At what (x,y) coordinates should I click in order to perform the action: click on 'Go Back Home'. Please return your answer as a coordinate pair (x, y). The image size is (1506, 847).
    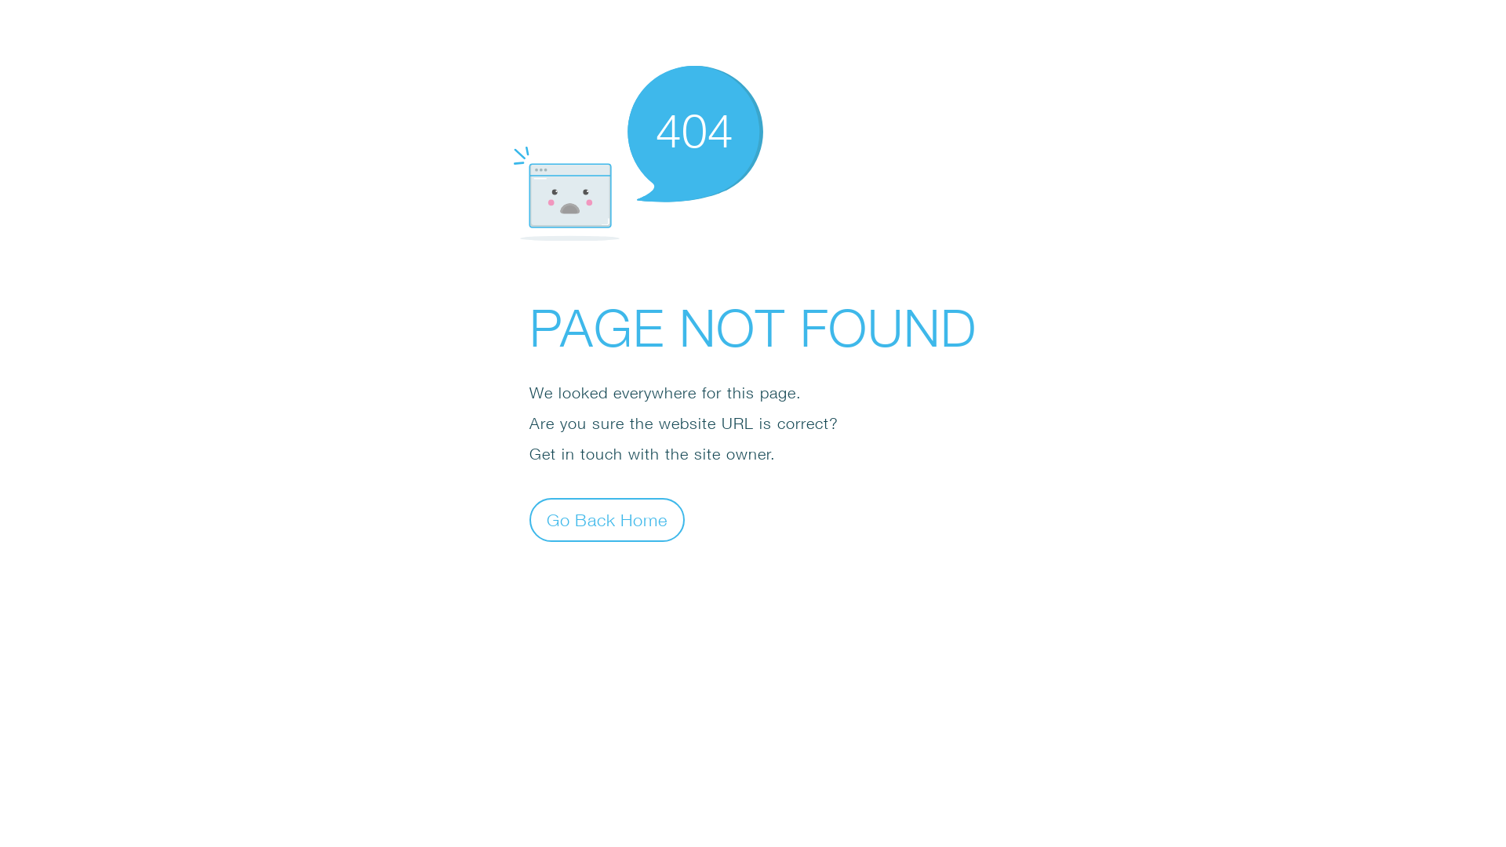
    Looking at the image, I should click on (606, 520).